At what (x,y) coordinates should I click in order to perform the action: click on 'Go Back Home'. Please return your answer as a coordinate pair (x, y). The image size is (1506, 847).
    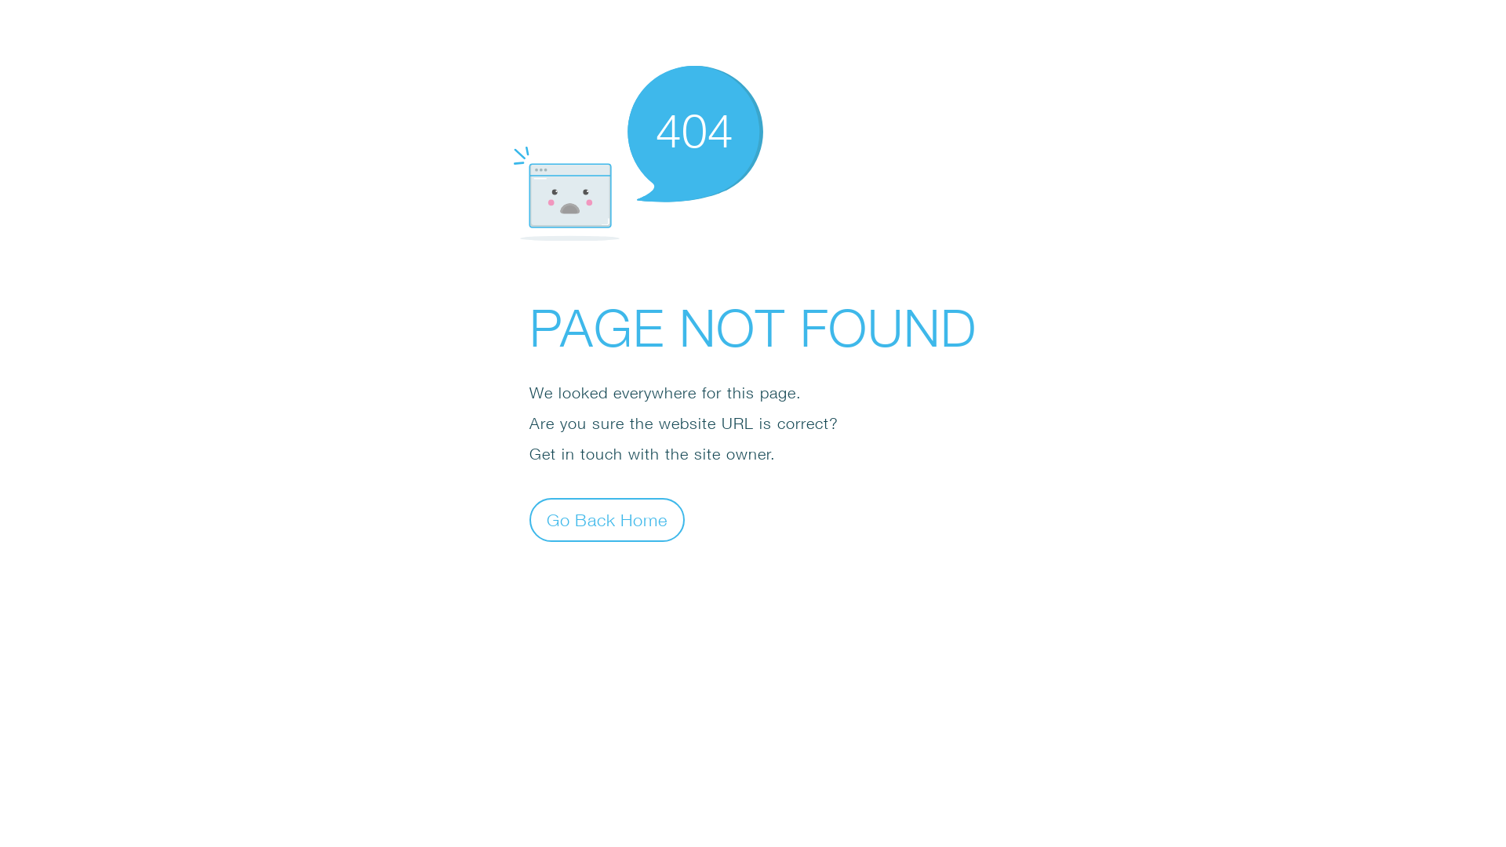
    Looking at the image, I should click on (606, 520).